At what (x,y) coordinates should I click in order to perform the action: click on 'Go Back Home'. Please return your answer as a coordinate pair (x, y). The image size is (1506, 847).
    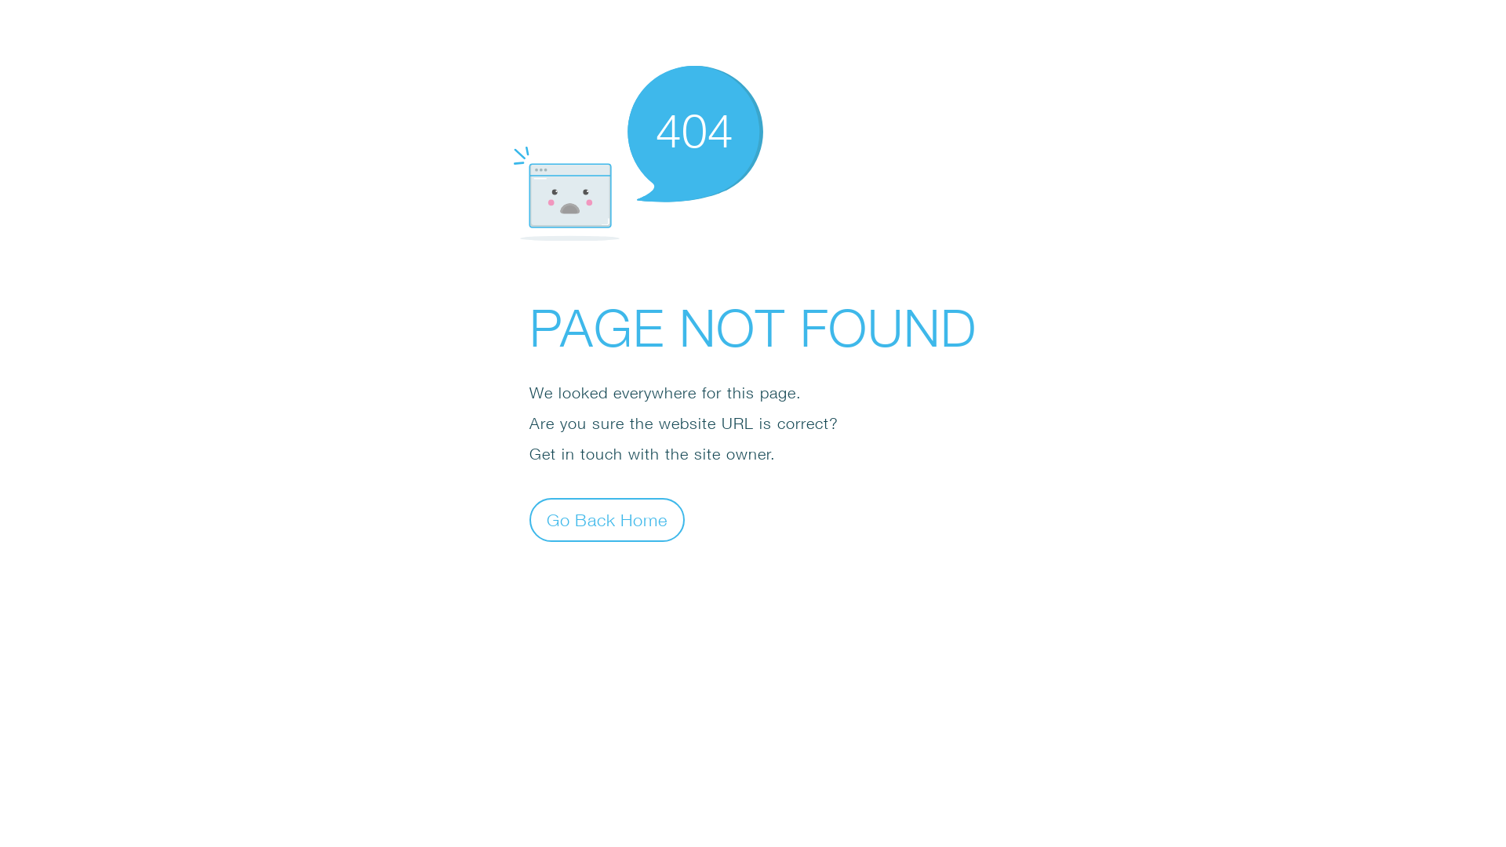
    Looking at the image, I should click on (606, 520).